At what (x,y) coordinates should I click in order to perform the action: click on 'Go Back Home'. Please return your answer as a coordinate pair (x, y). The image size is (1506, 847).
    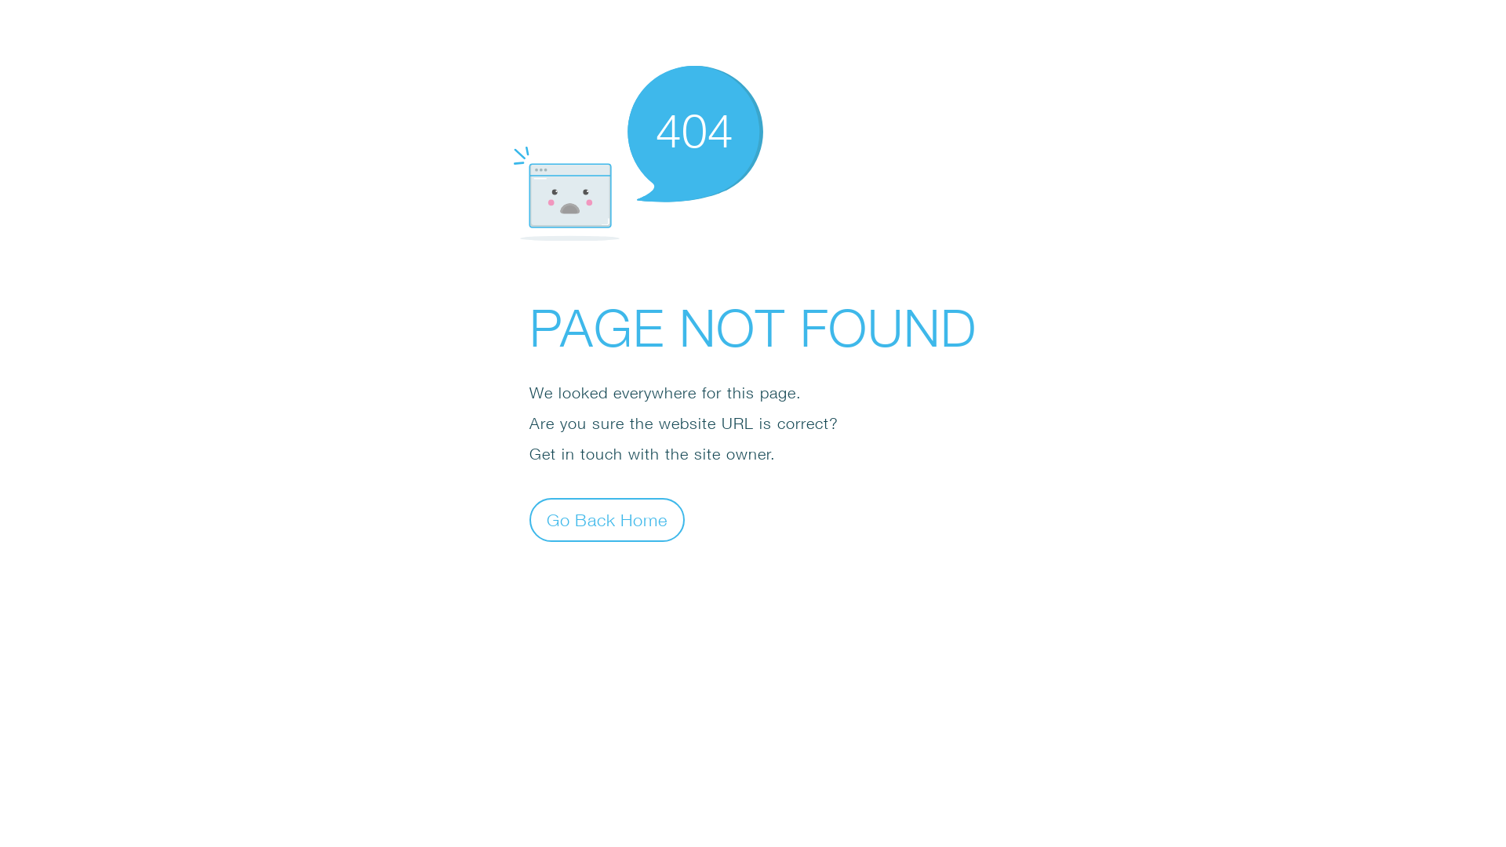
    Looking at the image, I should click on (606, 520).